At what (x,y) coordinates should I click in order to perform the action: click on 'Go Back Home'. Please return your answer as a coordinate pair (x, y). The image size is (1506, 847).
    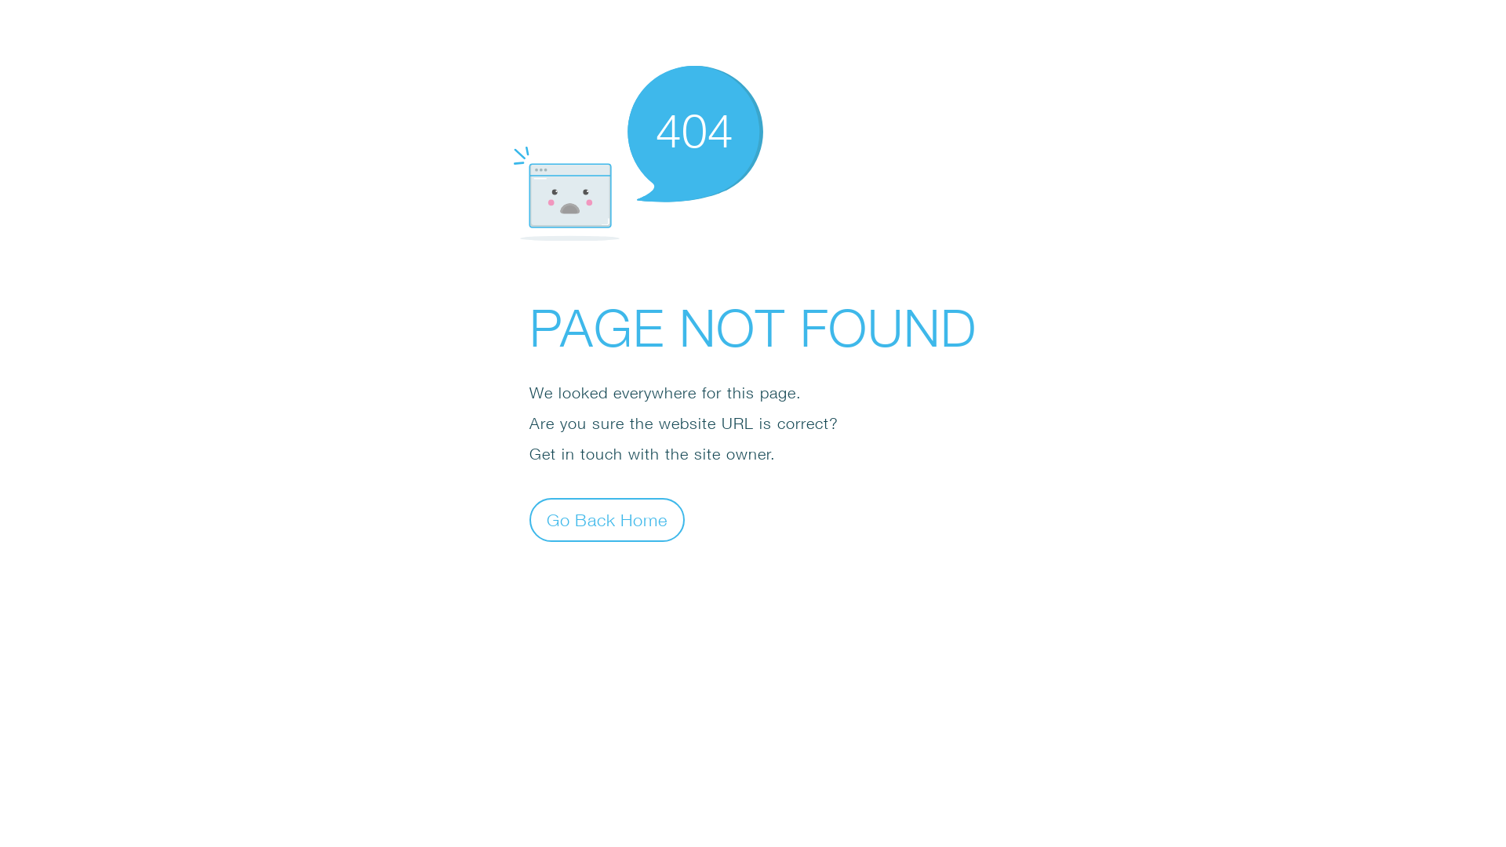
    Looking at the image, I should click on (606, 520).